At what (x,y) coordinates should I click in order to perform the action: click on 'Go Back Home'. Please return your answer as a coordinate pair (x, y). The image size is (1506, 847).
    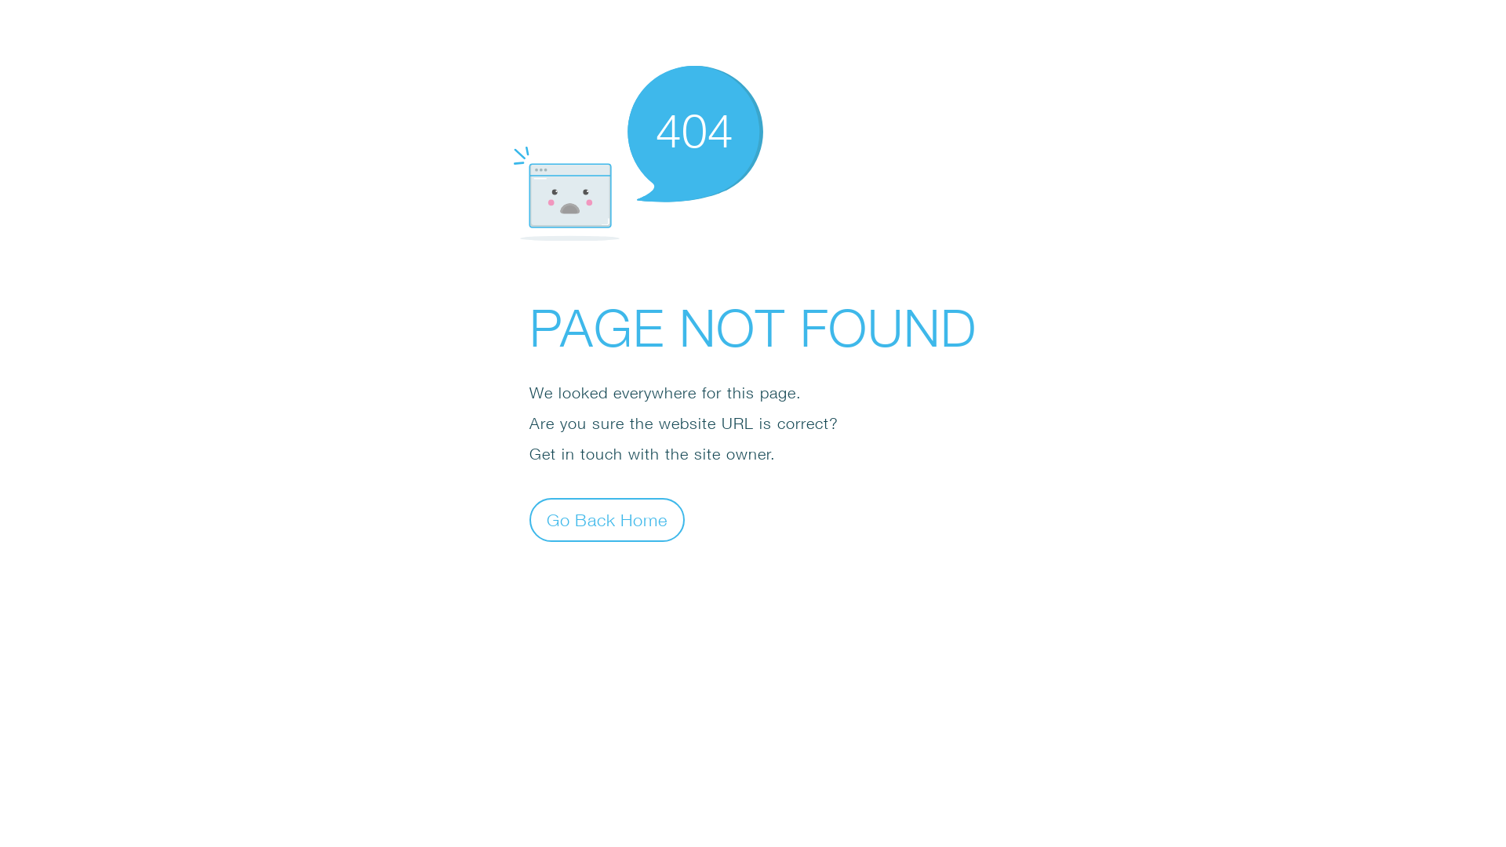
    Looking at the image, I should click on (606, 520).